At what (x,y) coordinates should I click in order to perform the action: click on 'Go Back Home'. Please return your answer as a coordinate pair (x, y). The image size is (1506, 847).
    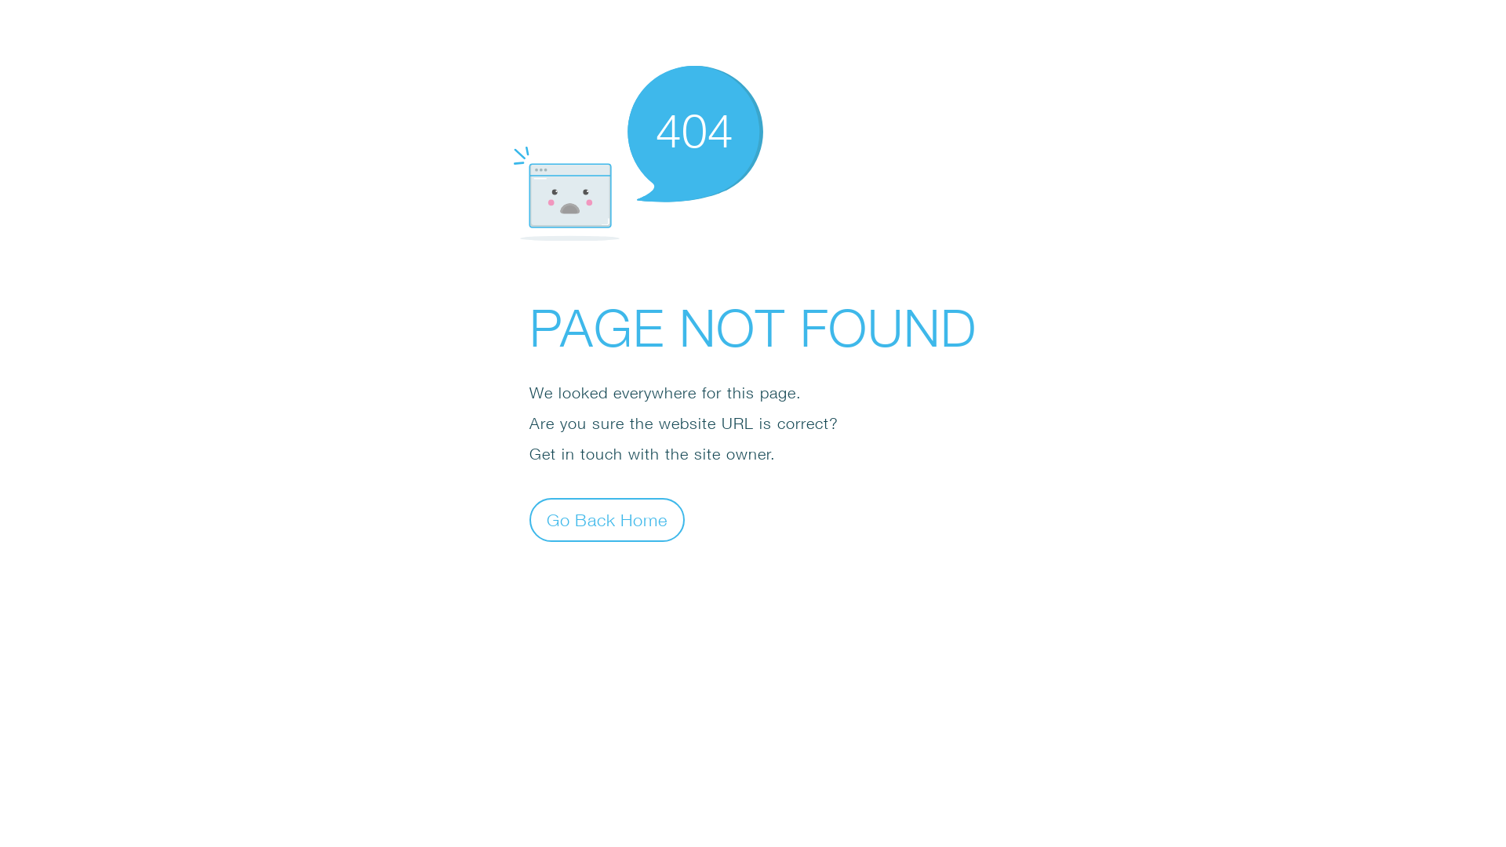
    Looking at the image, I should click on (606, 520).